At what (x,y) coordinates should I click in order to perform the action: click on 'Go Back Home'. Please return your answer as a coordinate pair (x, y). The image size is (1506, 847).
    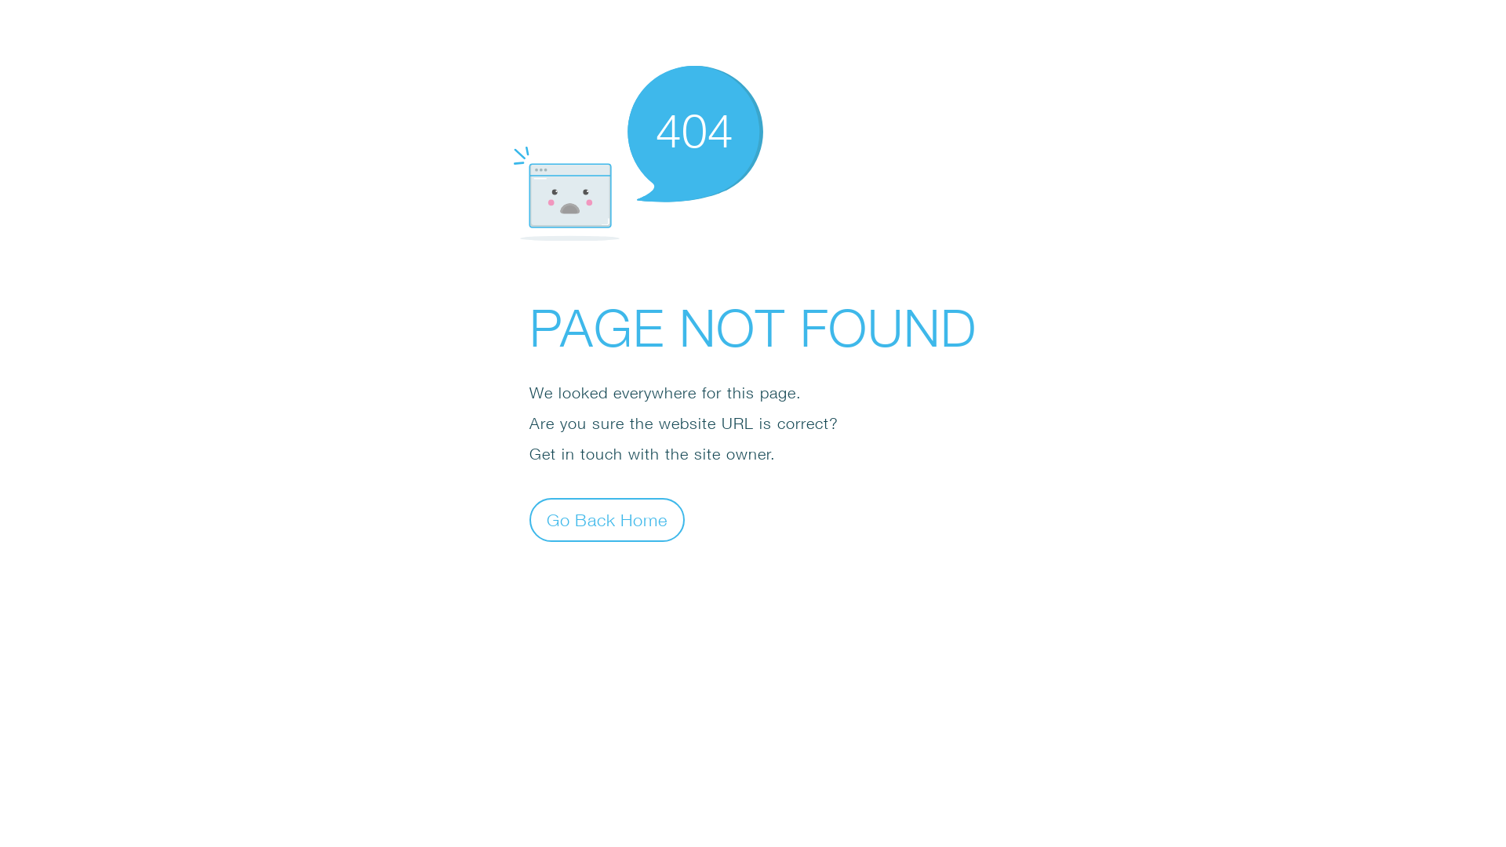
    Looking at the image, I should click on (606, 520).